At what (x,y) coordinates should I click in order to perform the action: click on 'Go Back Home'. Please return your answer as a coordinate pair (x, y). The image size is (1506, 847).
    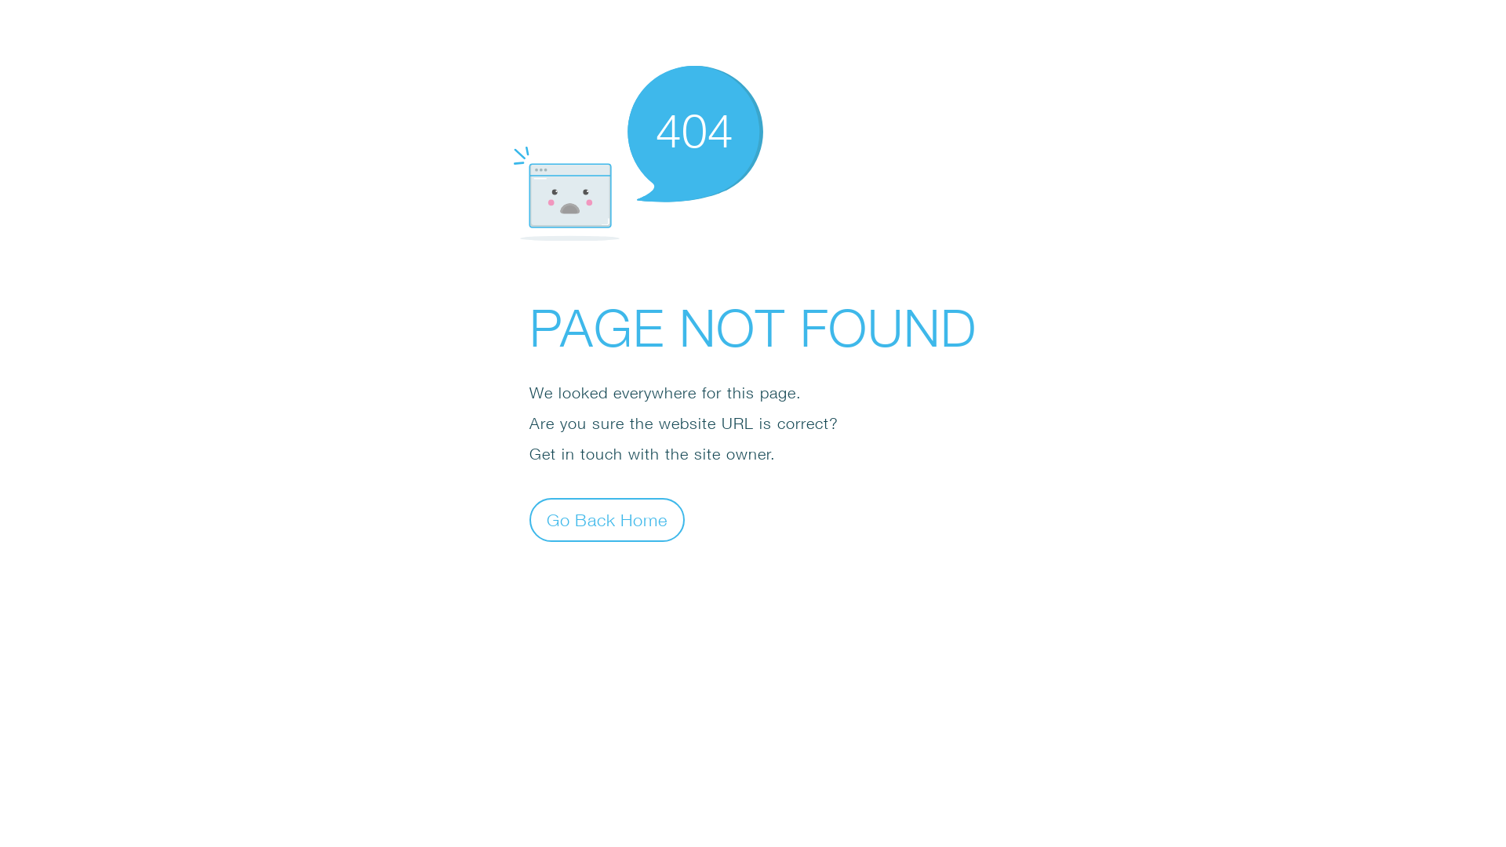
    Looking at the image, I should click on (606, 520).